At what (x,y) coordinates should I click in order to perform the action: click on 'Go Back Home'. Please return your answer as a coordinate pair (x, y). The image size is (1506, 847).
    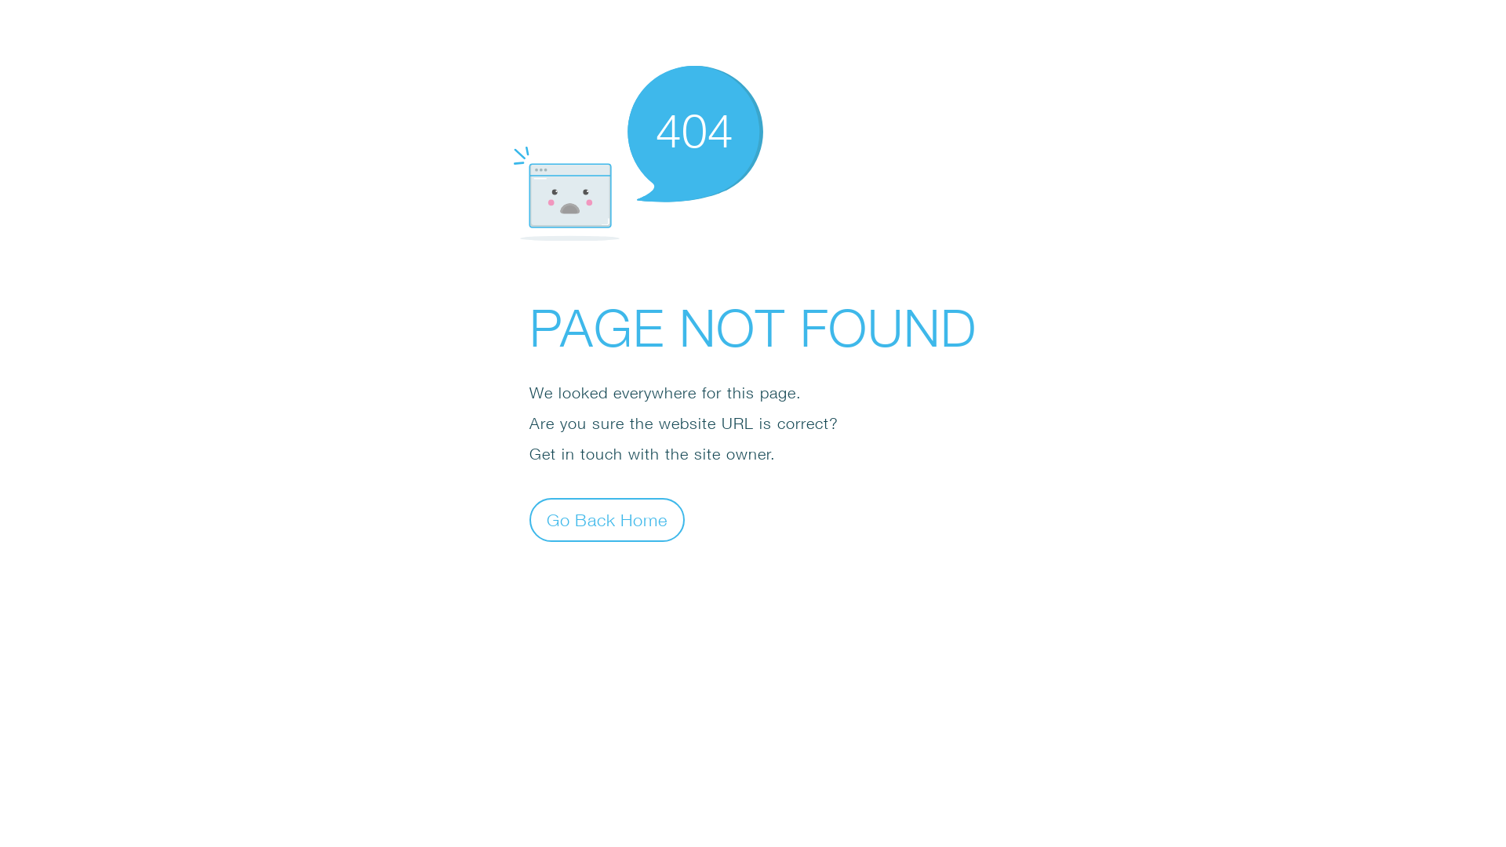
    Looking at the image, I should click on (606, 520).